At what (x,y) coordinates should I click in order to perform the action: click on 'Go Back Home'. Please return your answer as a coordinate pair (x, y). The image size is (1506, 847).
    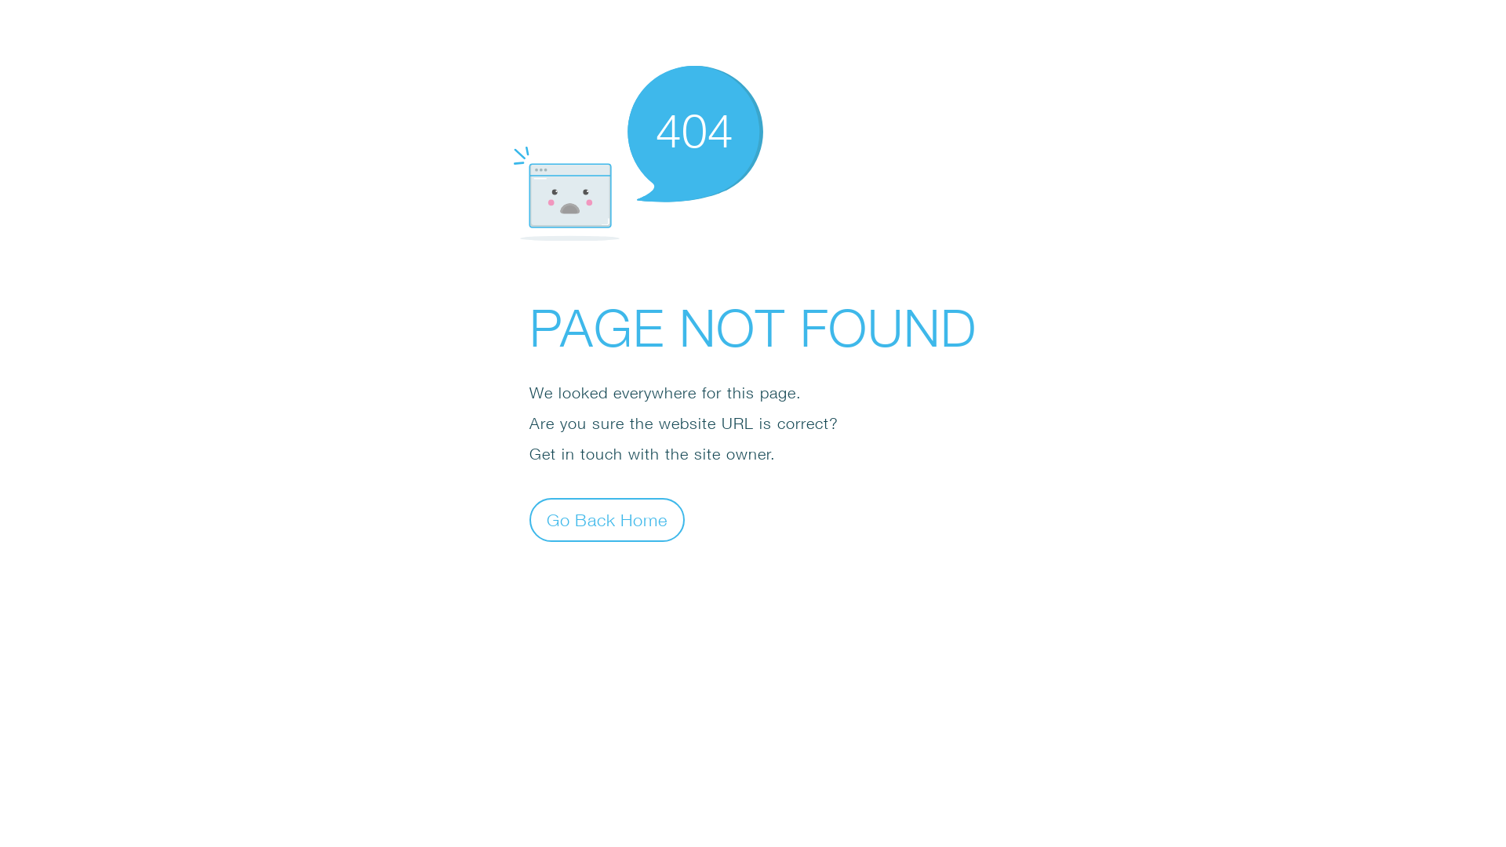
    Looking at the image, I should click on (606, 520).